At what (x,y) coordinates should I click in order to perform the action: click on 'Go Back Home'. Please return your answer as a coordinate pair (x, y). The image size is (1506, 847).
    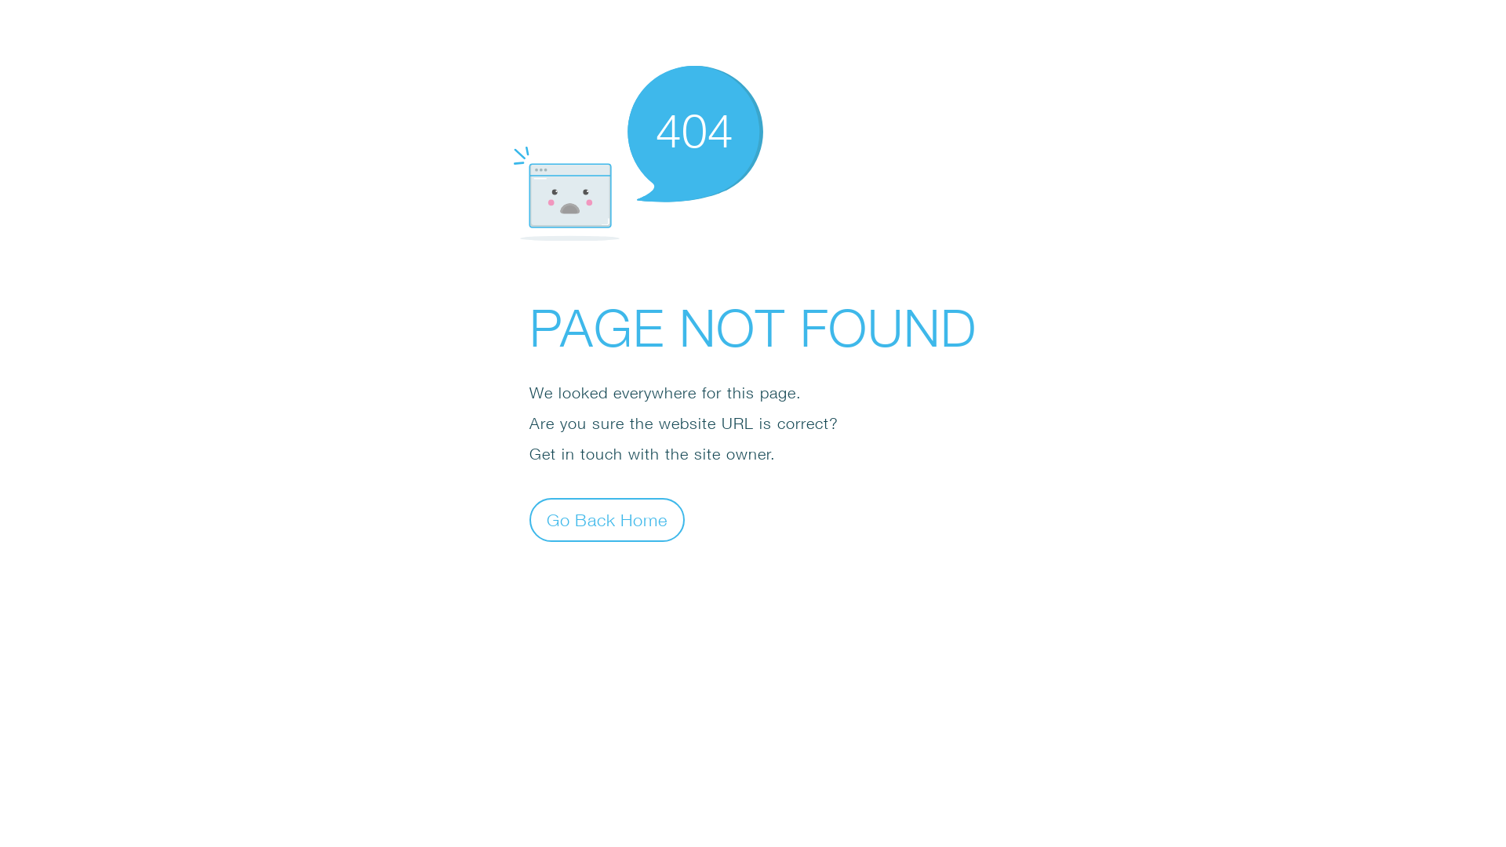
    Looking at the image, I should click on (606, 520).